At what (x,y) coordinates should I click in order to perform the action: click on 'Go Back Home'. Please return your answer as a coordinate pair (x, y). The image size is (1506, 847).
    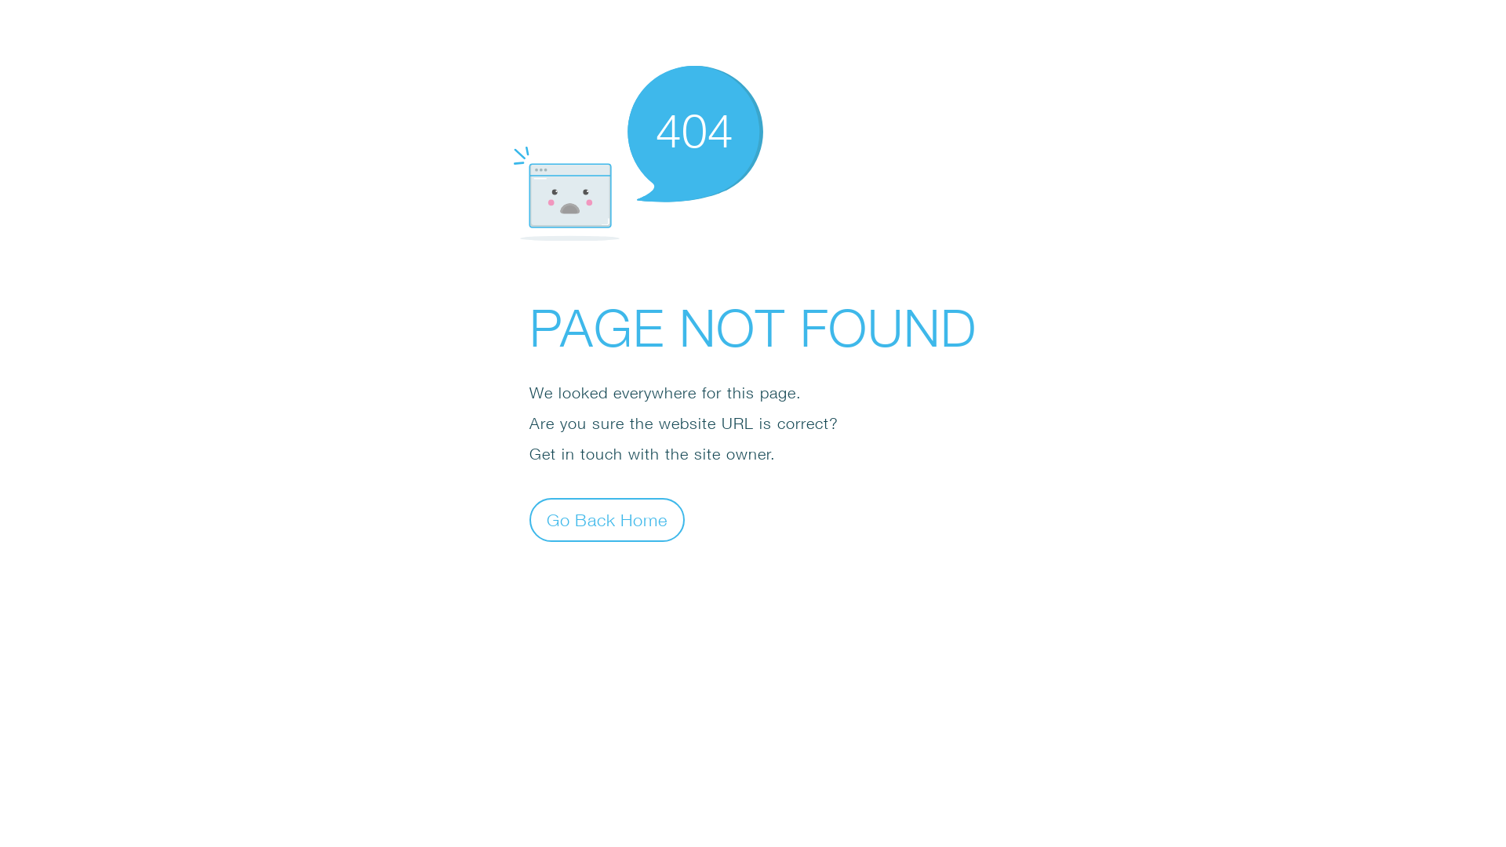
    Looking at the image, I should click on (606, 520).